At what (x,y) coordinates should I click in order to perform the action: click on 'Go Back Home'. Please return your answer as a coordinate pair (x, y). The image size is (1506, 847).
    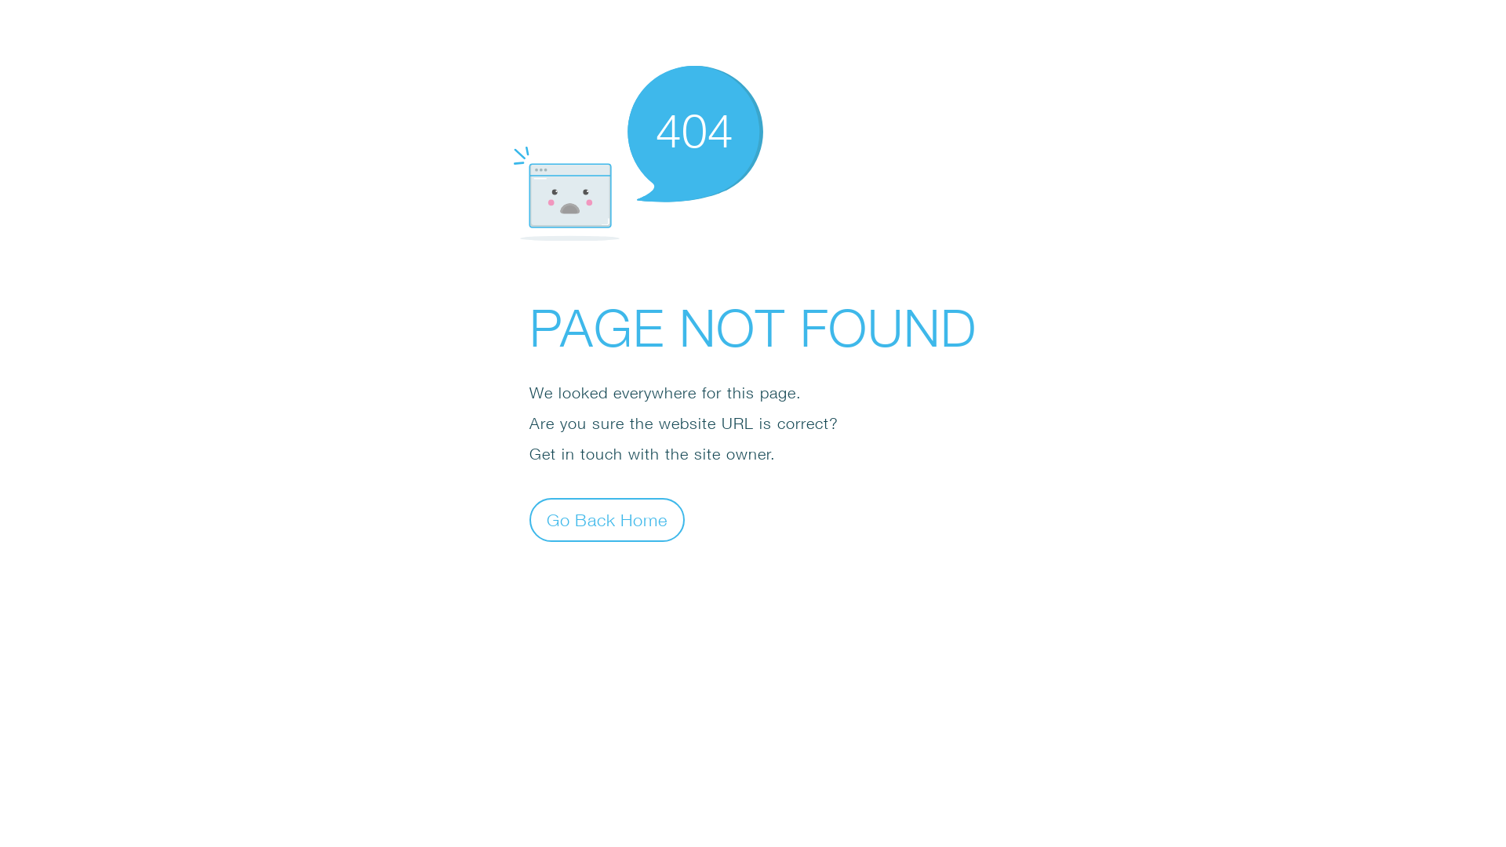
    Looking at the image, I should click on (606, 520).